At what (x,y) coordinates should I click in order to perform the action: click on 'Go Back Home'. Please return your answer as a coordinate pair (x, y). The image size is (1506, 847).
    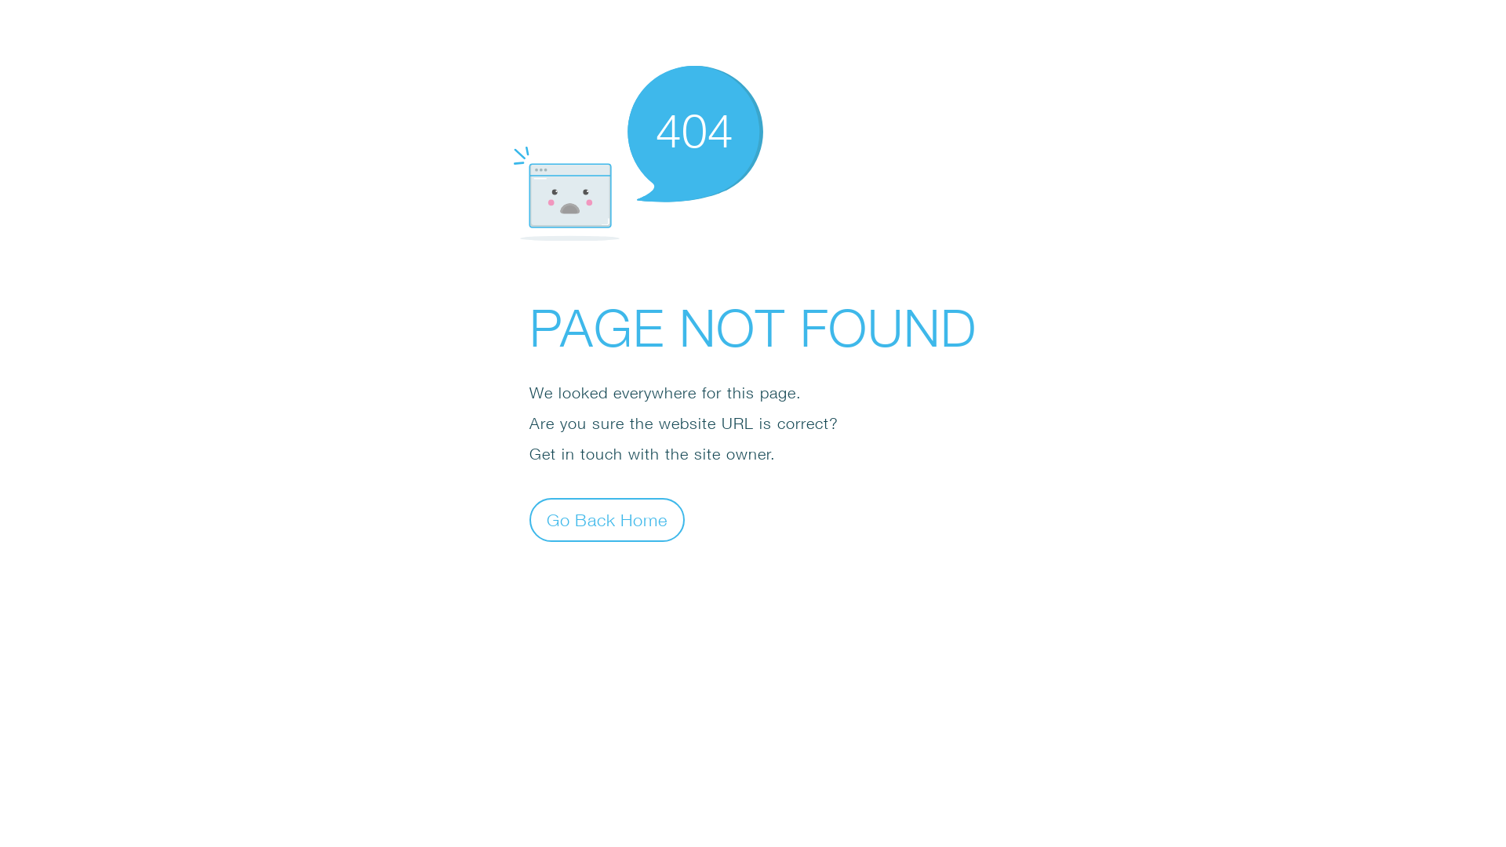
    Looking at the image, I should click on (606, 520).